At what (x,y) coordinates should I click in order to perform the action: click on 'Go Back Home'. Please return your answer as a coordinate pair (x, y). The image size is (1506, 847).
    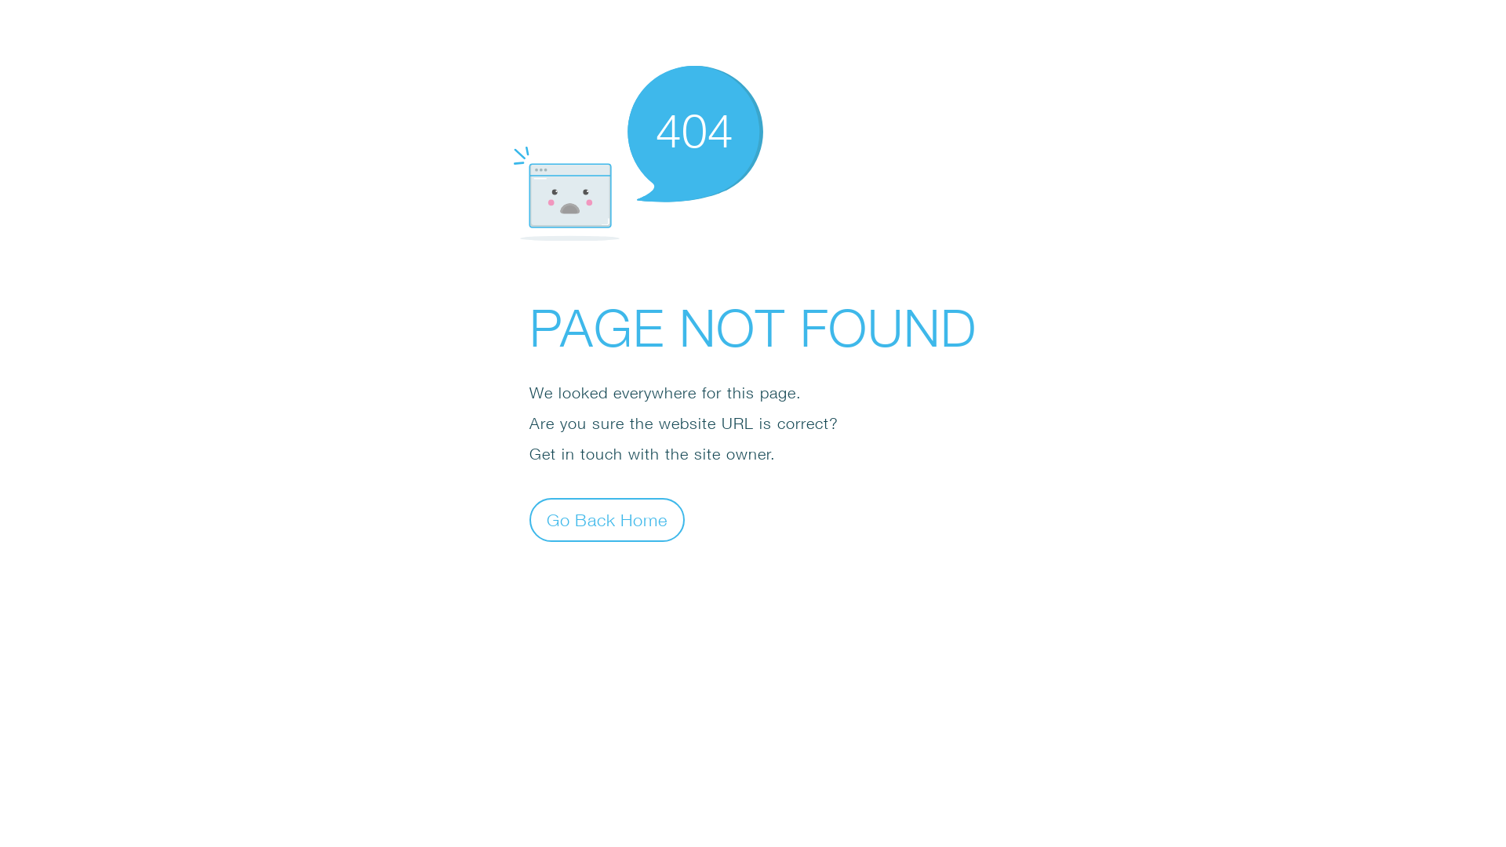
    Looking at the image, I should click on (606, 520).